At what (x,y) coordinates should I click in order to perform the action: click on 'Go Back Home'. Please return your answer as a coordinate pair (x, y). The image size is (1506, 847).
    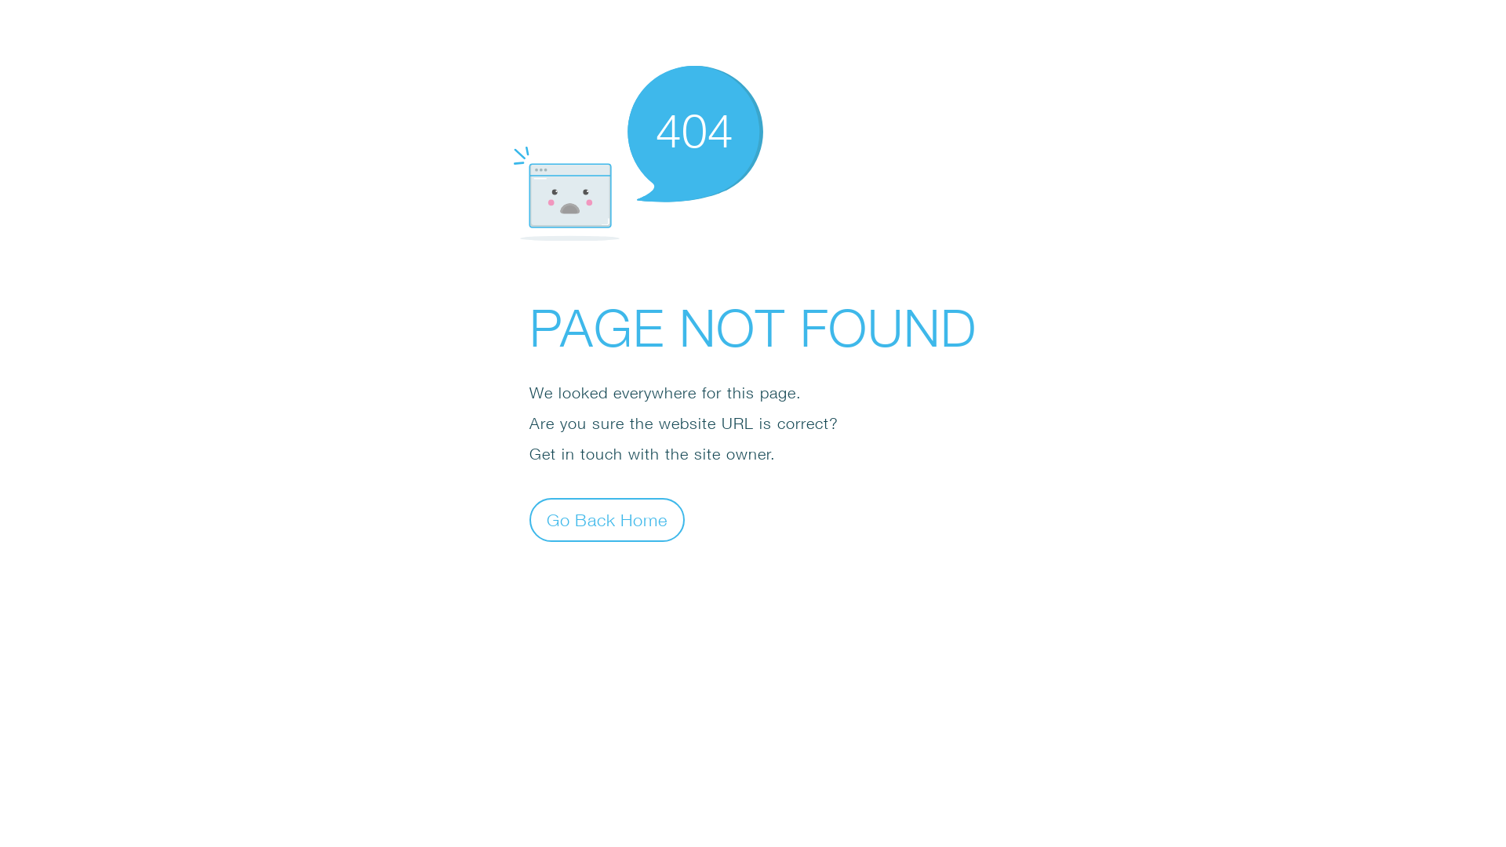
    Looking at the image, I should click on (606, 520).